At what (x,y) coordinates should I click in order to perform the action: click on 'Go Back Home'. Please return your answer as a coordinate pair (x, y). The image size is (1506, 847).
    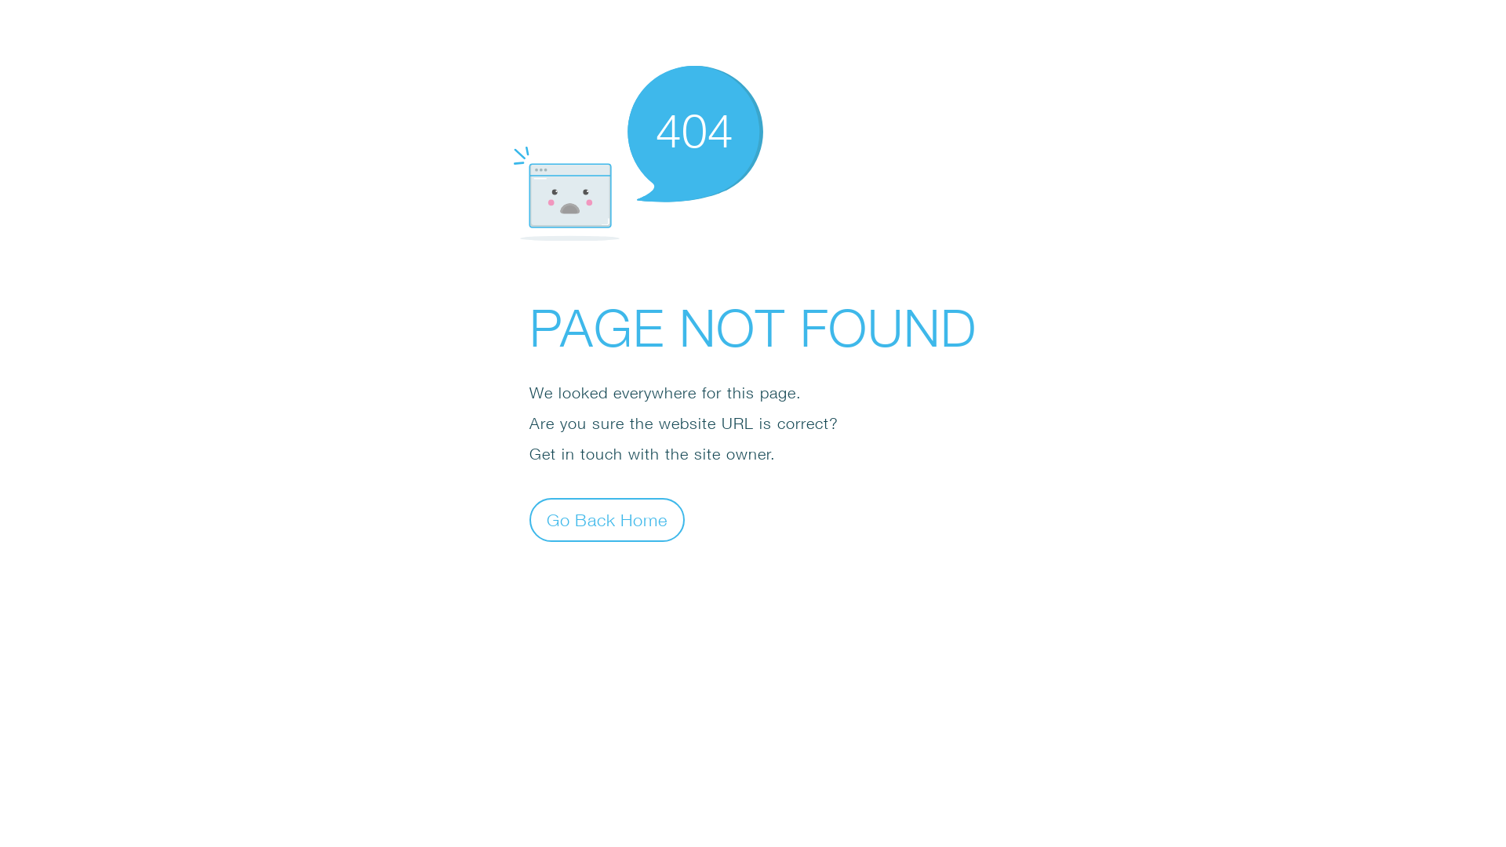
    Looking at the image, I should click on (606, 520).